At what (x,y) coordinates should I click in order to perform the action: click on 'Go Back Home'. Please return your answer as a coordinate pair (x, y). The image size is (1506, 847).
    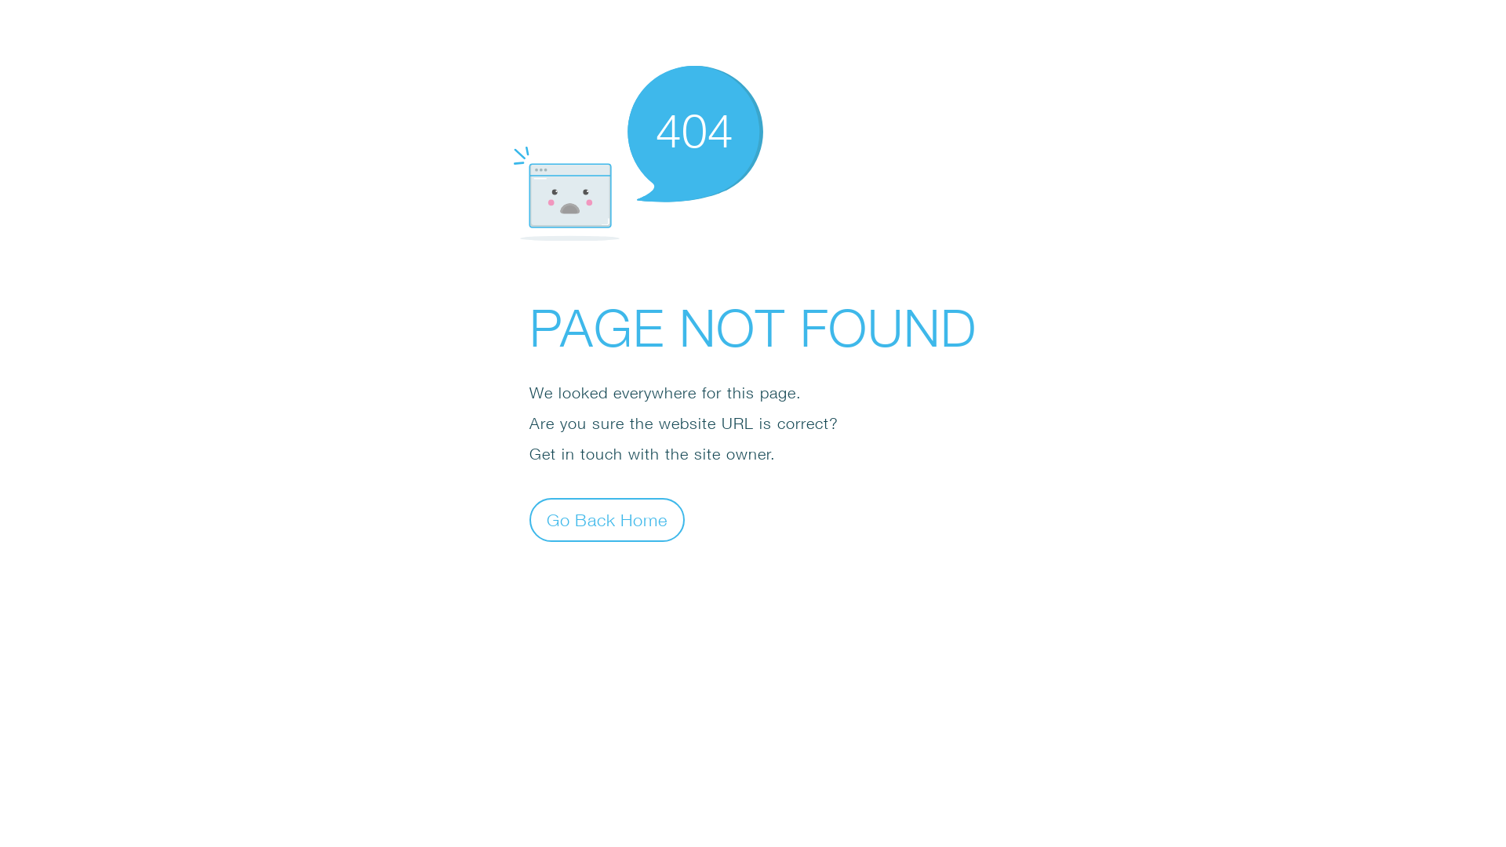
    Looking at the image, I should click on (606, 520).